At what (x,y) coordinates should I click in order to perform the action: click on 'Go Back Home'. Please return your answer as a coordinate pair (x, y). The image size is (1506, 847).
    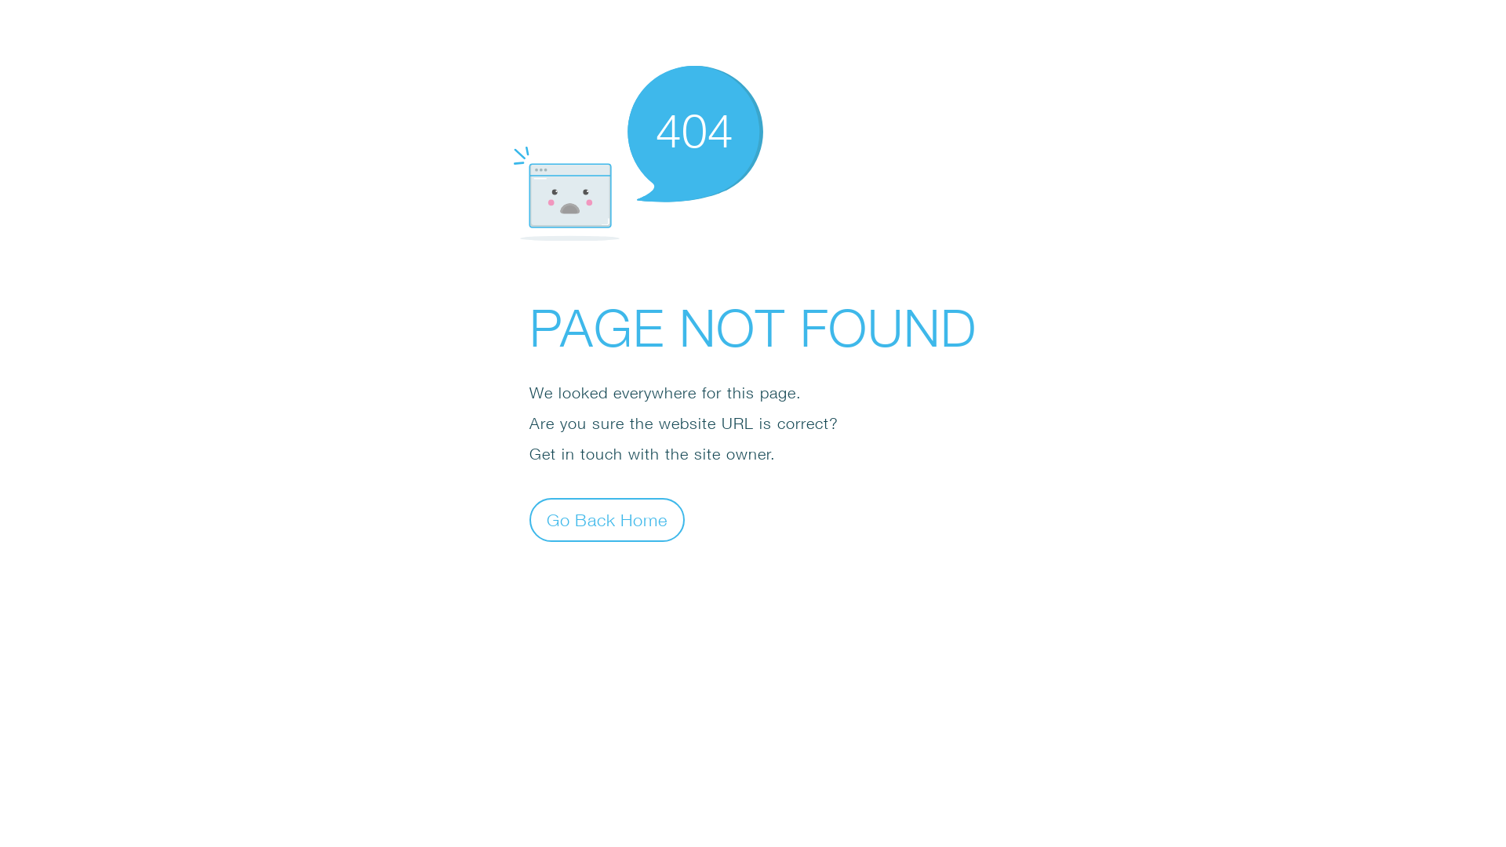
    Looking at the image, I should click on (606, 520).